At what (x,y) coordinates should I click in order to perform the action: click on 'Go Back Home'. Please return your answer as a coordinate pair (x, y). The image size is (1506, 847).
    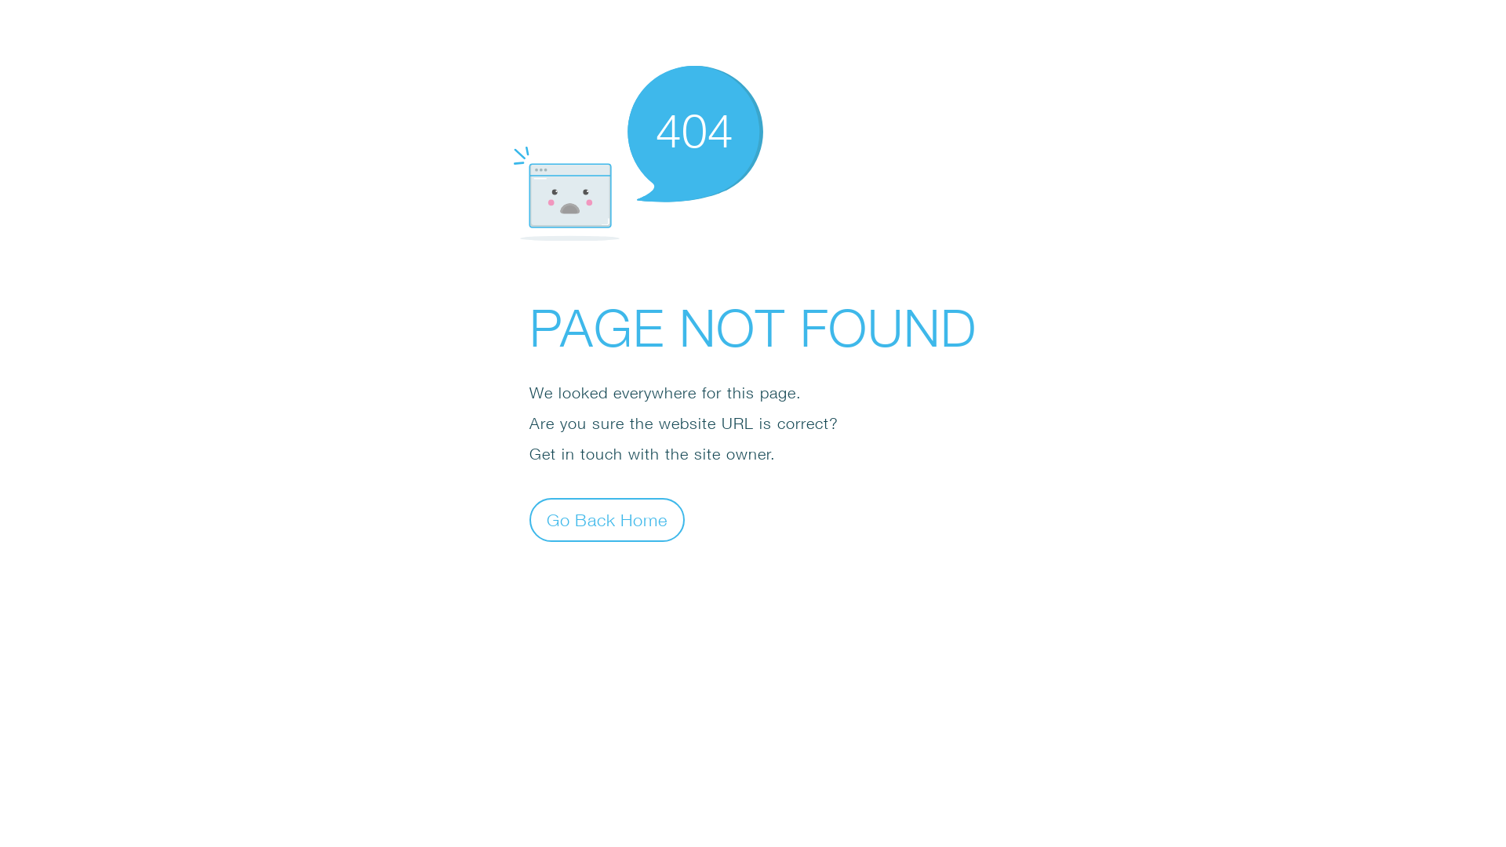
    Looking at the image, I should click on (606, 520).